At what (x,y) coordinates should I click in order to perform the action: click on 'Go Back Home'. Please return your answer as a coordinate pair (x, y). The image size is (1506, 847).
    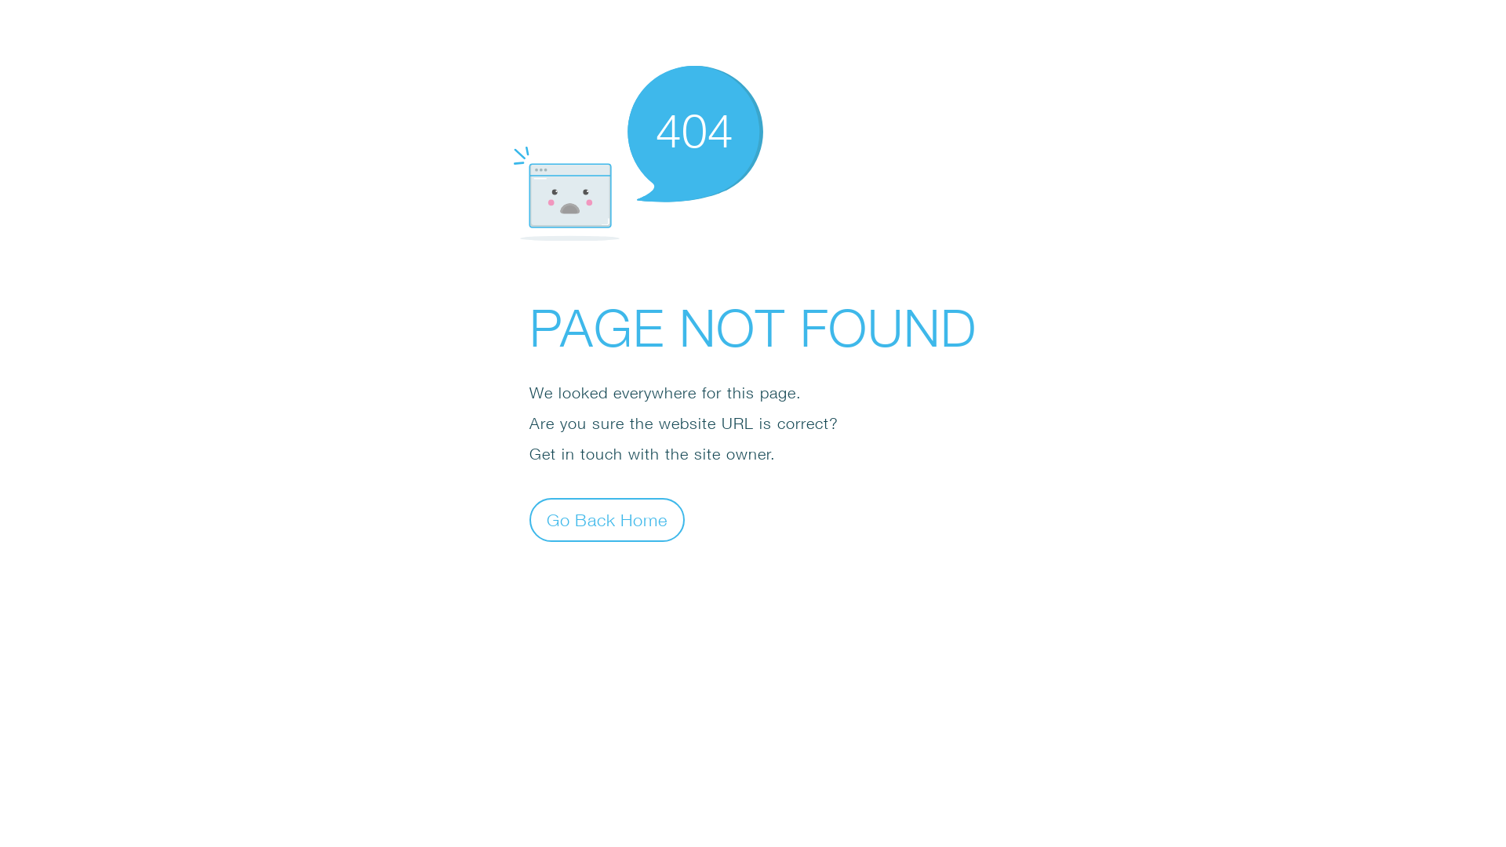
    Looking at the image, I should click on (606, 520).